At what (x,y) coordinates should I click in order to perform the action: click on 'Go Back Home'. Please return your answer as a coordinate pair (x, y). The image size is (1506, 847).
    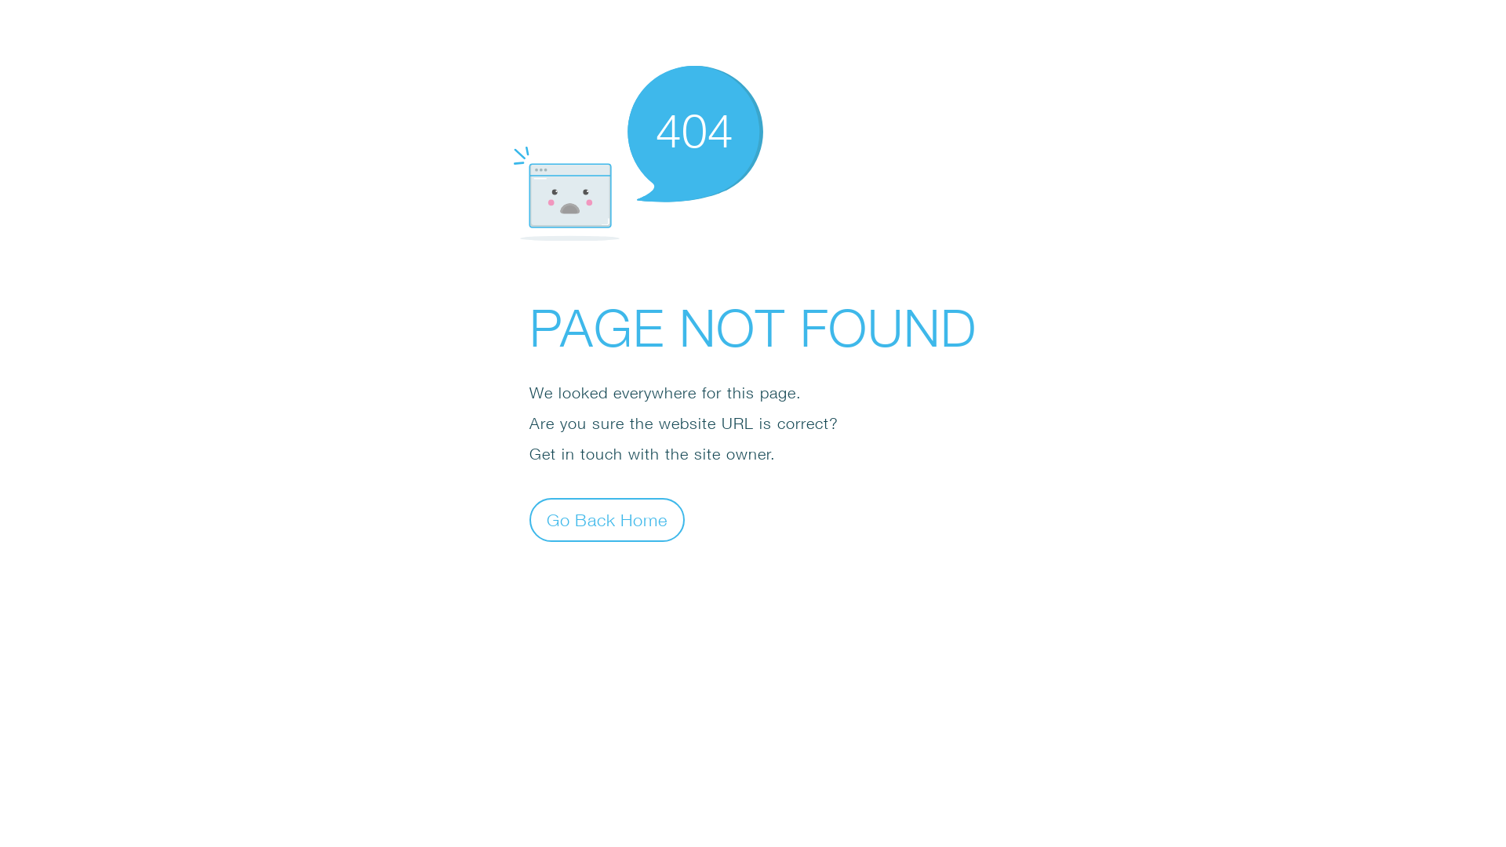
    Looking at the image, I should click on (606, 520).